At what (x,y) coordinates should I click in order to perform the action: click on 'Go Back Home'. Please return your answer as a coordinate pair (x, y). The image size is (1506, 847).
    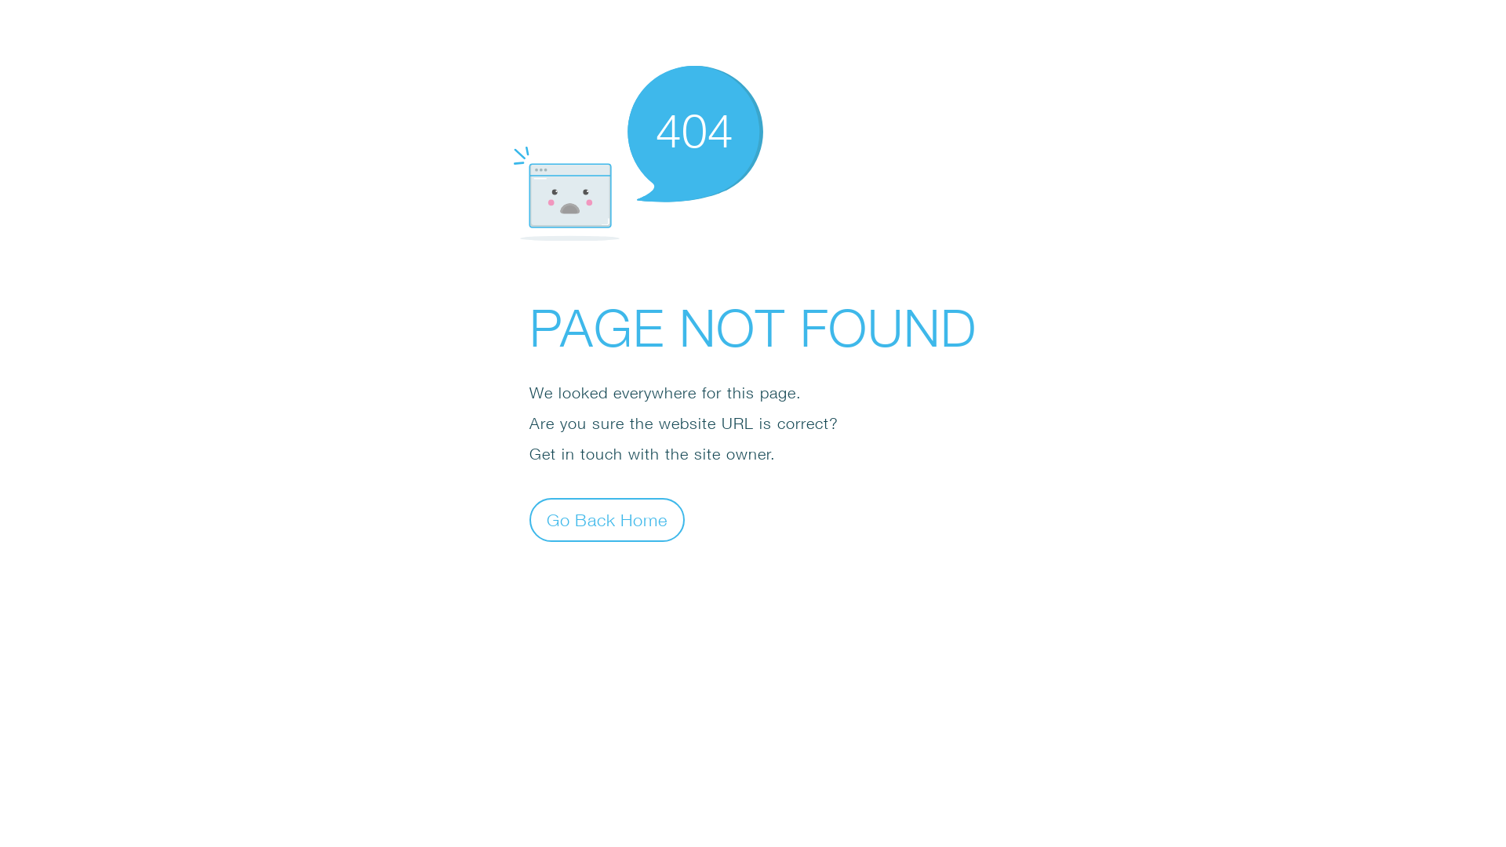
    Looking at the image, I should click on (606, 520).